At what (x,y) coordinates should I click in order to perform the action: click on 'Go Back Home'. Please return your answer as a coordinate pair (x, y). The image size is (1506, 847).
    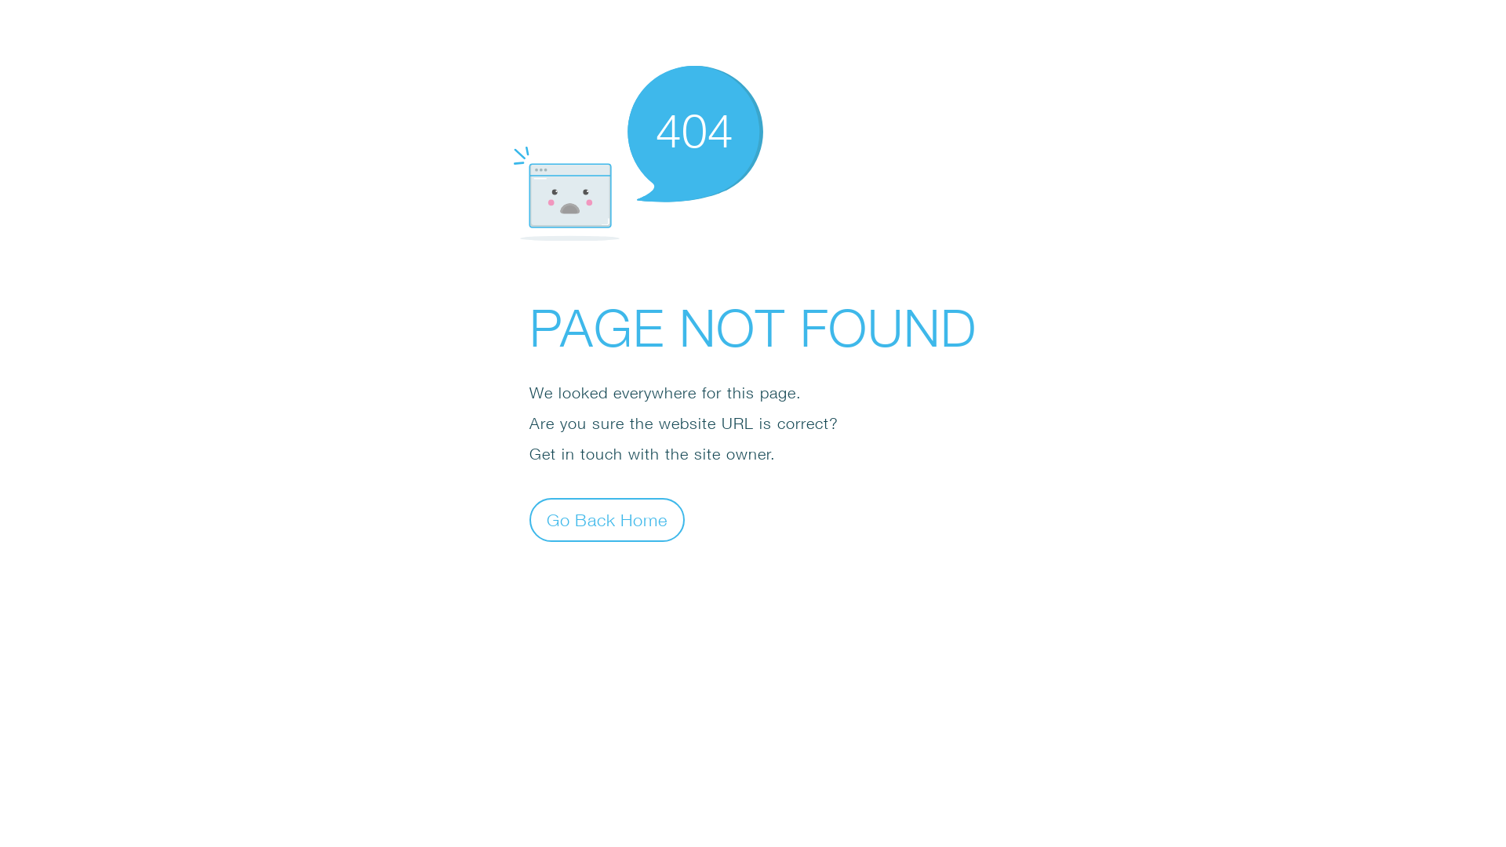
    Looking at the image, I should click on (606, 520).